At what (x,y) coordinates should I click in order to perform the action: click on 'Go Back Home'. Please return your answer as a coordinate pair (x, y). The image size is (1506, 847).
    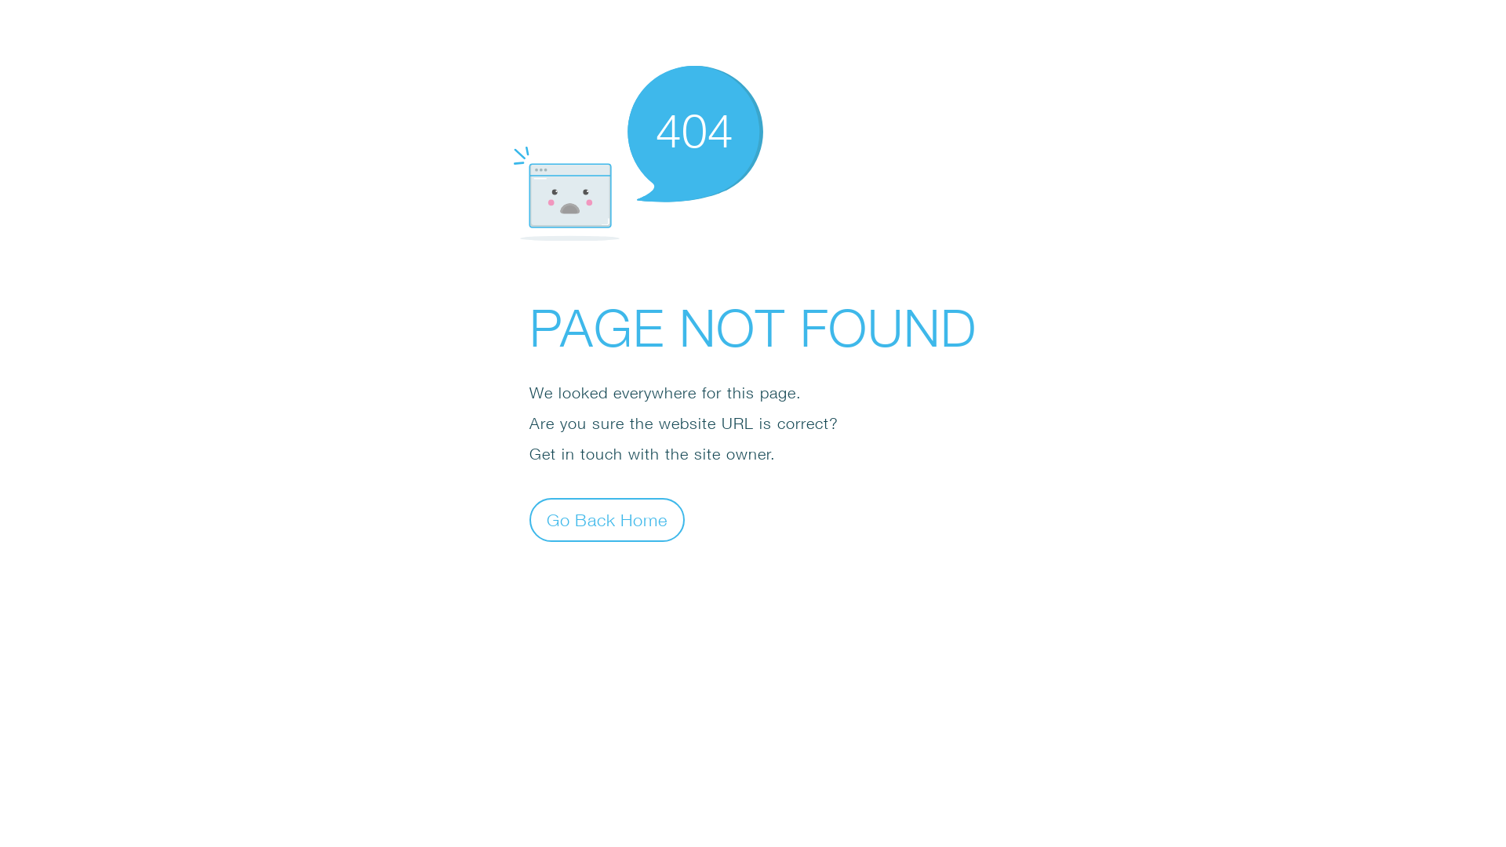
    Looking at the image, I should click on (606, 520).